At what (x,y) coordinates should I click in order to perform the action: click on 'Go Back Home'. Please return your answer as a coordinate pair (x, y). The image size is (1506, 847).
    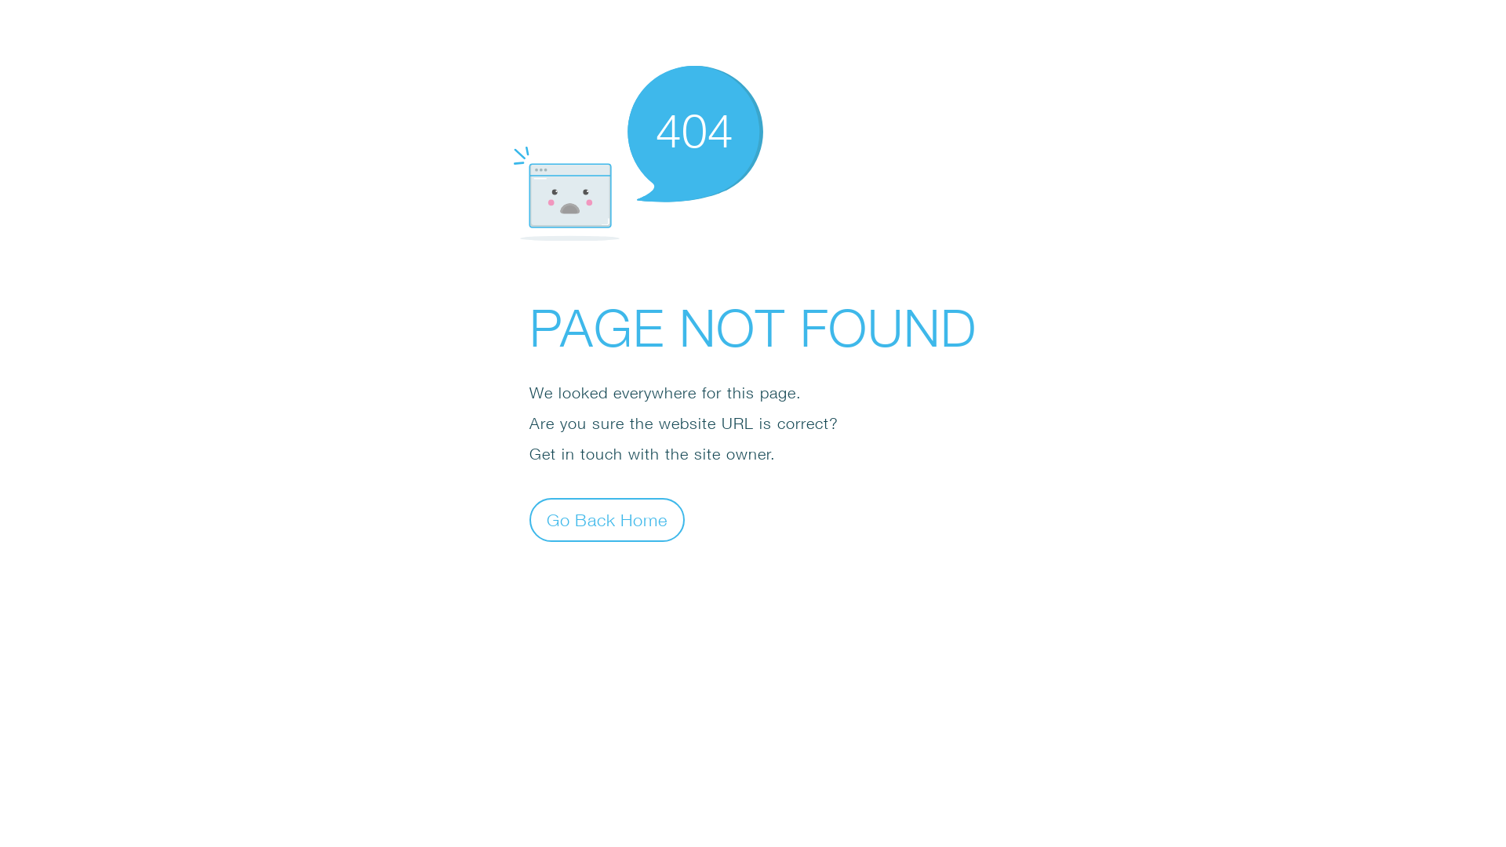
    Looking at the image, I should click on (606, 520).